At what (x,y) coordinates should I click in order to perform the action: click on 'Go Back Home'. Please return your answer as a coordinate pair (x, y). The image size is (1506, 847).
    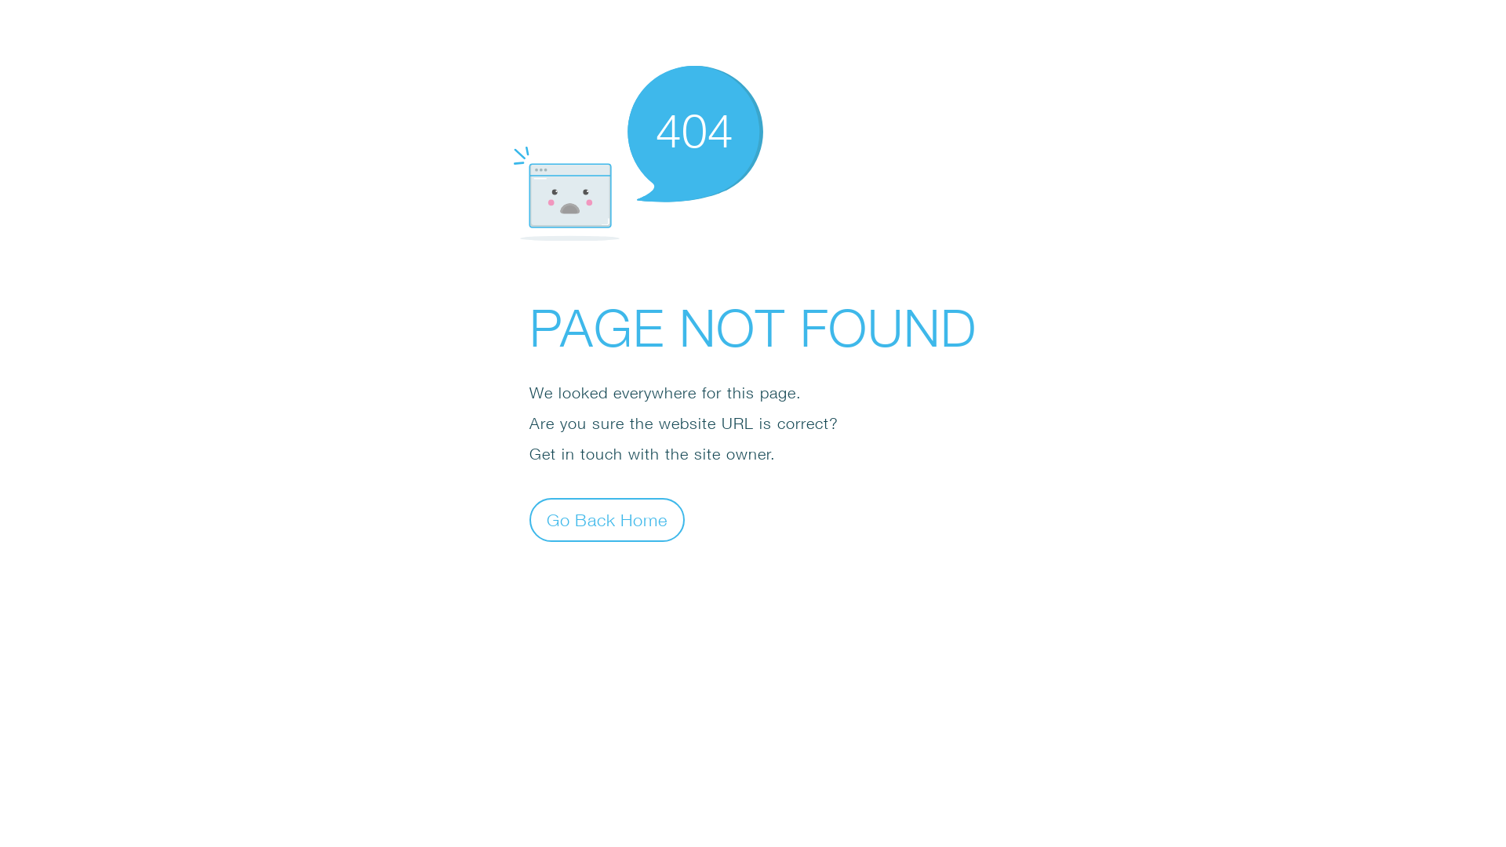
    Looking at the image, I should click on (606, 520).